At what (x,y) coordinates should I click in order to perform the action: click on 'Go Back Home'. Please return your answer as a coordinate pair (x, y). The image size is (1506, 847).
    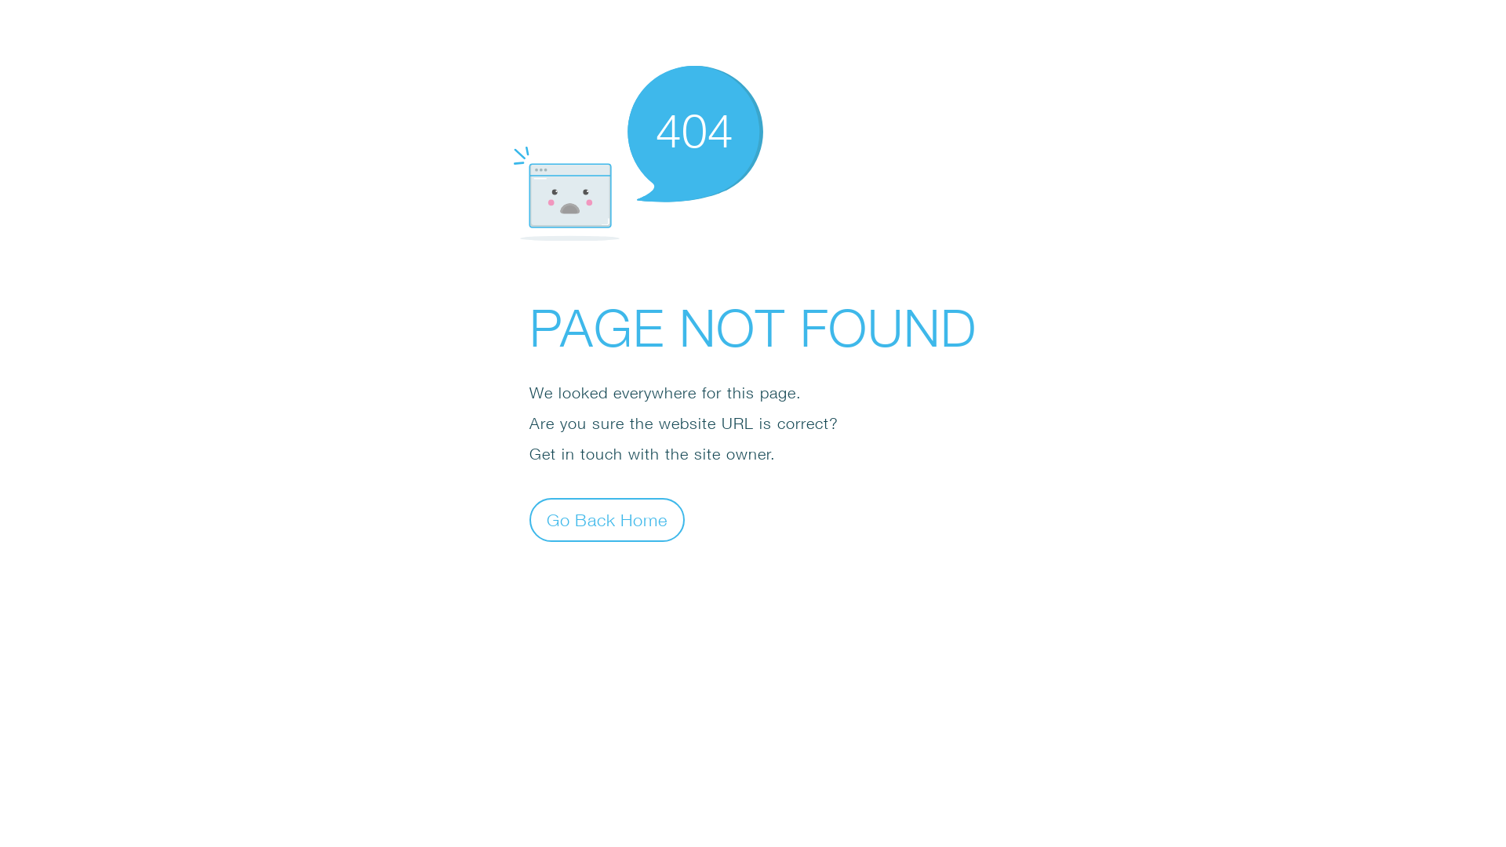
    Looking at the image, I should click on (606, 520).